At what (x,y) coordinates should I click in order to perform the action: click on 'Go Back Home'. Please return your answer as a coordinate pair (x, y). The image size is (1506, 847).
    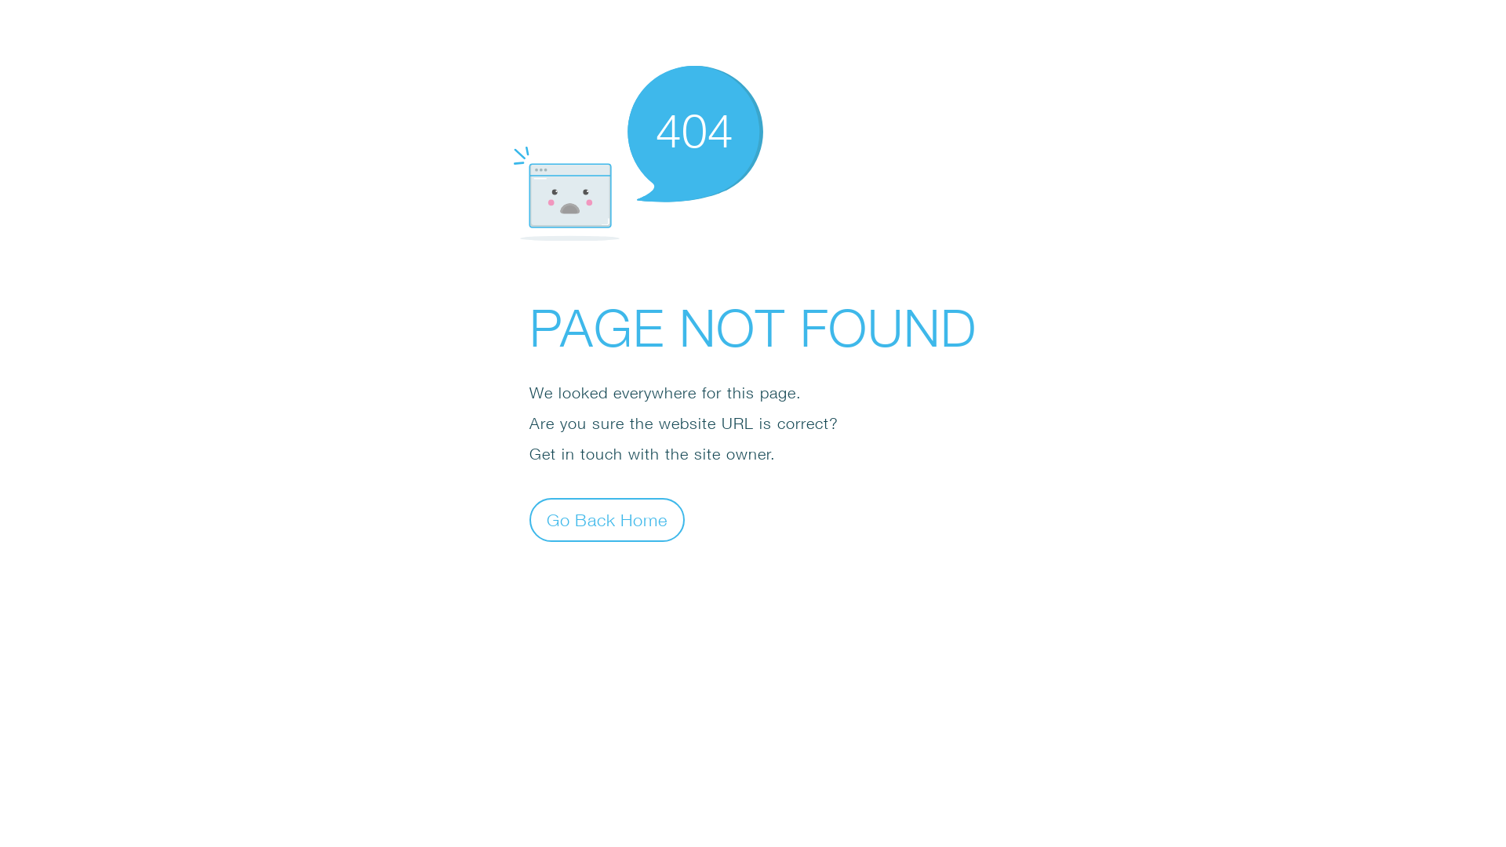
    Looking at the image, I should click on (606, 520).